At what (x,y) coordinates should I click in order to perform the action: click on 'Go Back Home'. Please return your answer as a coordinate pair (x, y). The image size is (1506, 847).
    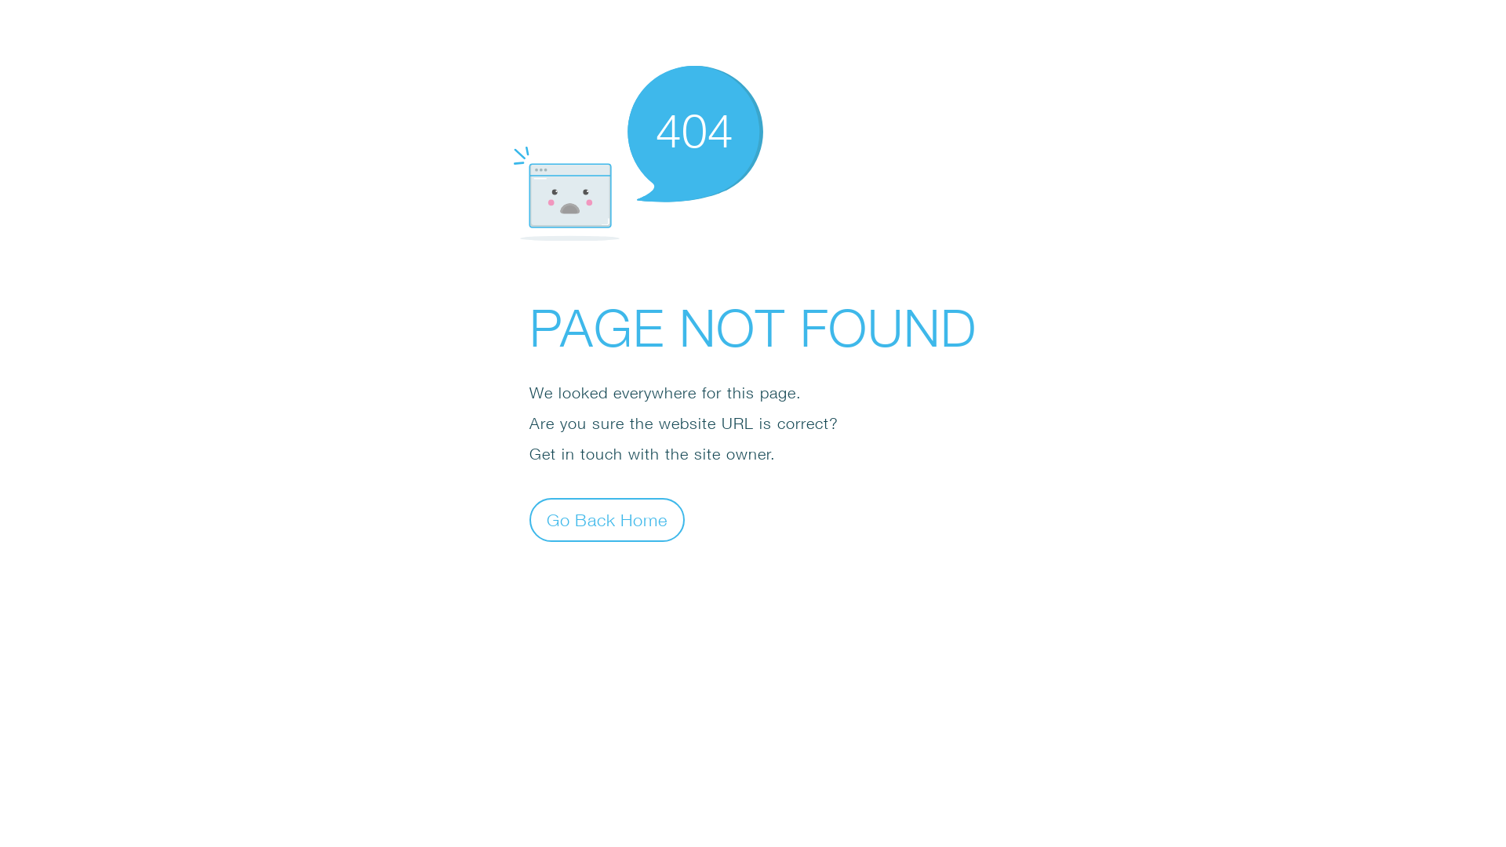
    Looking at the image, I should click on (606, 520).